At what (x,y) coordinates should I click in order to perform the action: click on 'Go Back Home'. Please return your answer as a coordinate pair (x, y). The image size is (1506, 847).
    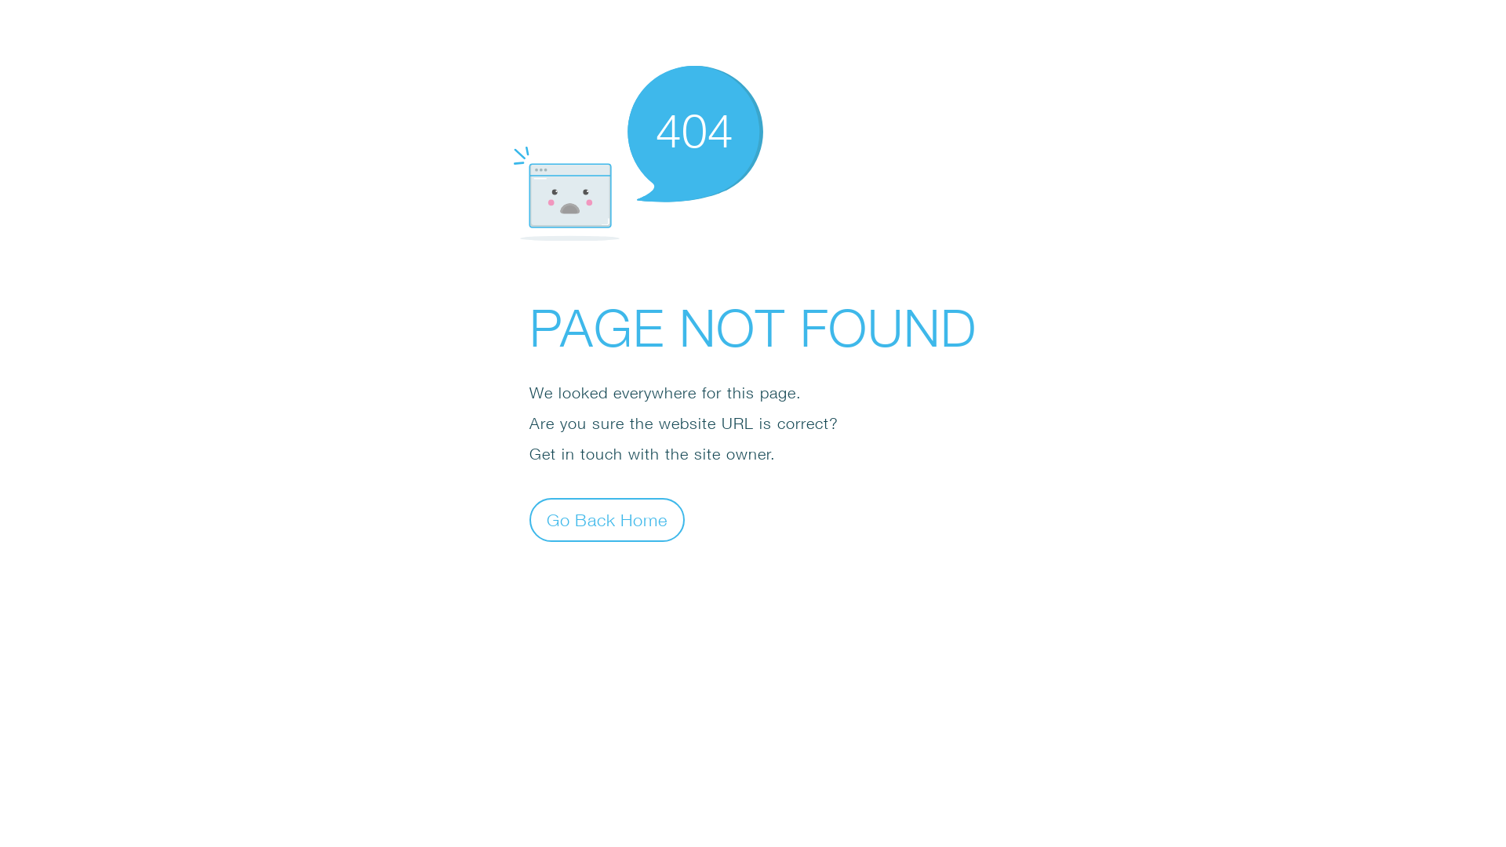
    Looking at the image, I should click on (606, 520).